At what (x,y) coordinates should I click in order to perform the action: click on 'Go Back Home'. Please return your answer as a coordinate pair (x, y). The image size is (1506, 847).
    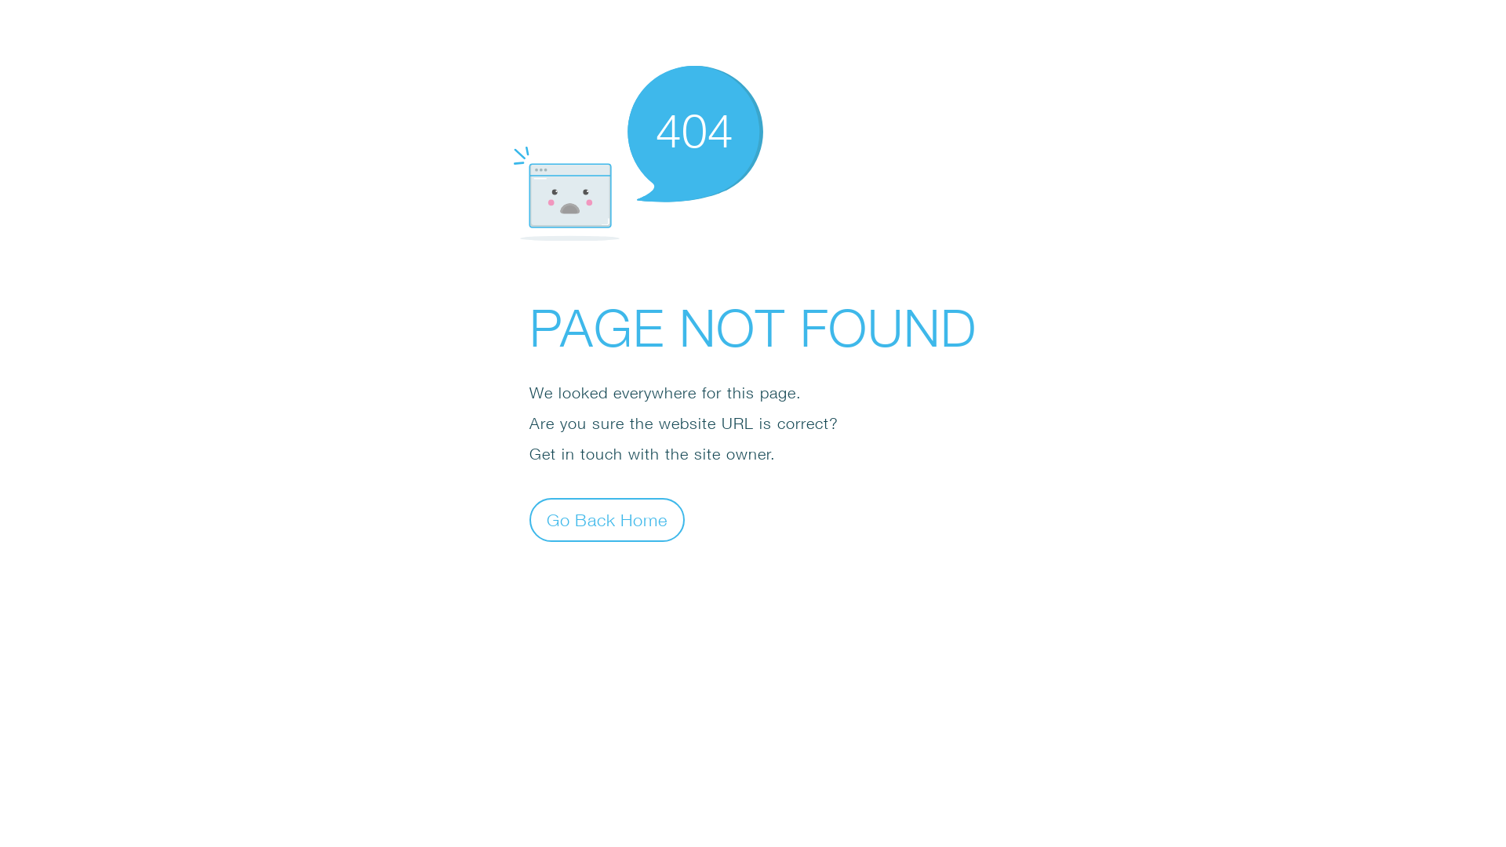
    Looking at the image, I should click on (606, 520).